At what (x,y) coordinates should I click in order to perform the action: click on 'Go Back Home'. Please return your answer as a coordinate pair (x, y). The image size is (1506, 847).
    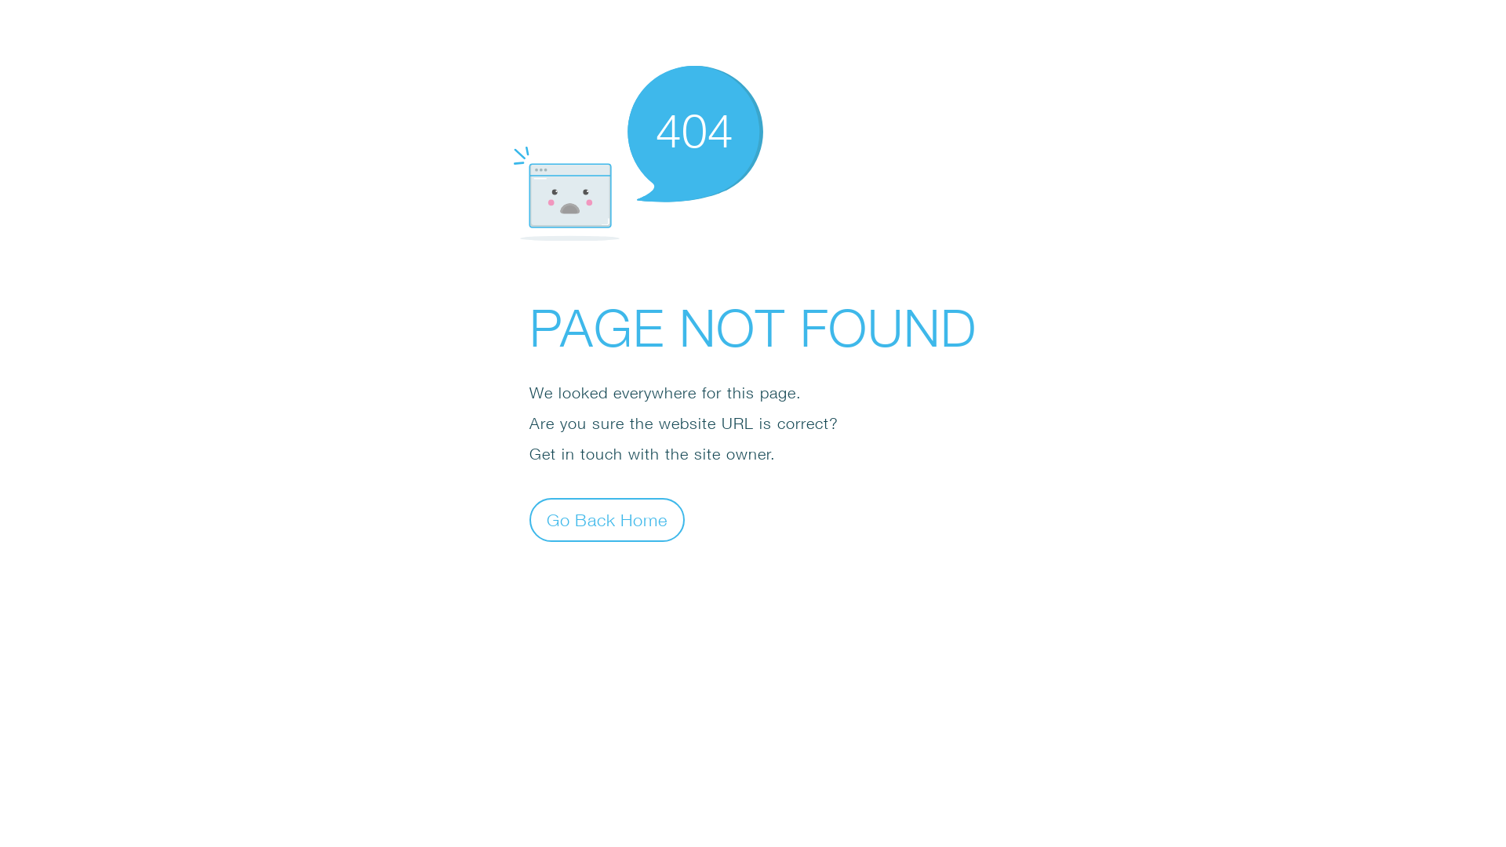
    Looking at the image, I should click on (606, 520).